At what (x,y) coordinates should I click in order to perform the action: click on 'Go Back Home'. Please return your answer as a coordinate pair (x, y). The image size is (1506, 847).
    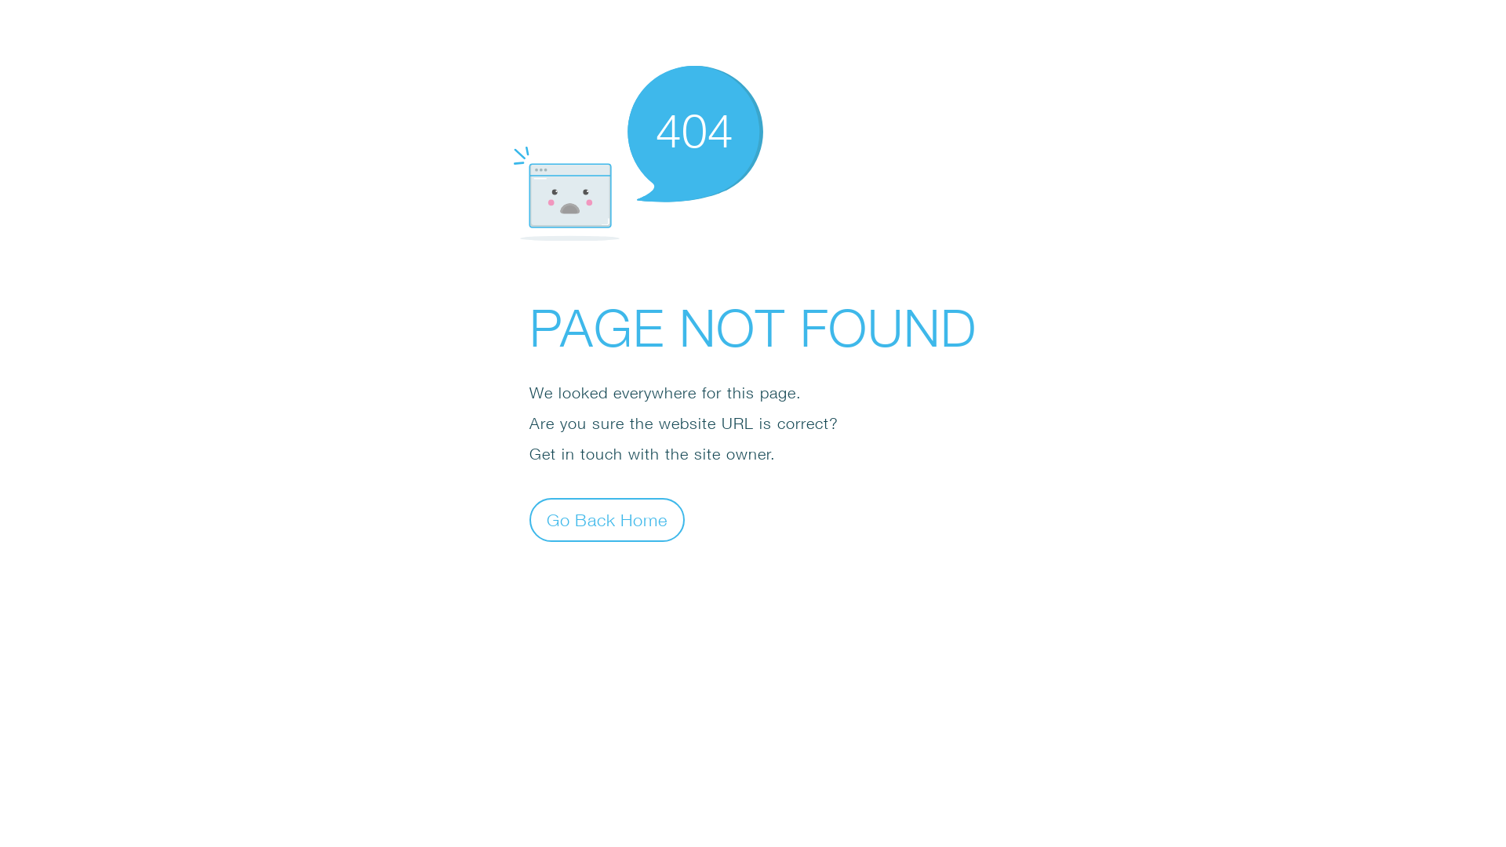
    Looking at the image, I should click on (606, 520).